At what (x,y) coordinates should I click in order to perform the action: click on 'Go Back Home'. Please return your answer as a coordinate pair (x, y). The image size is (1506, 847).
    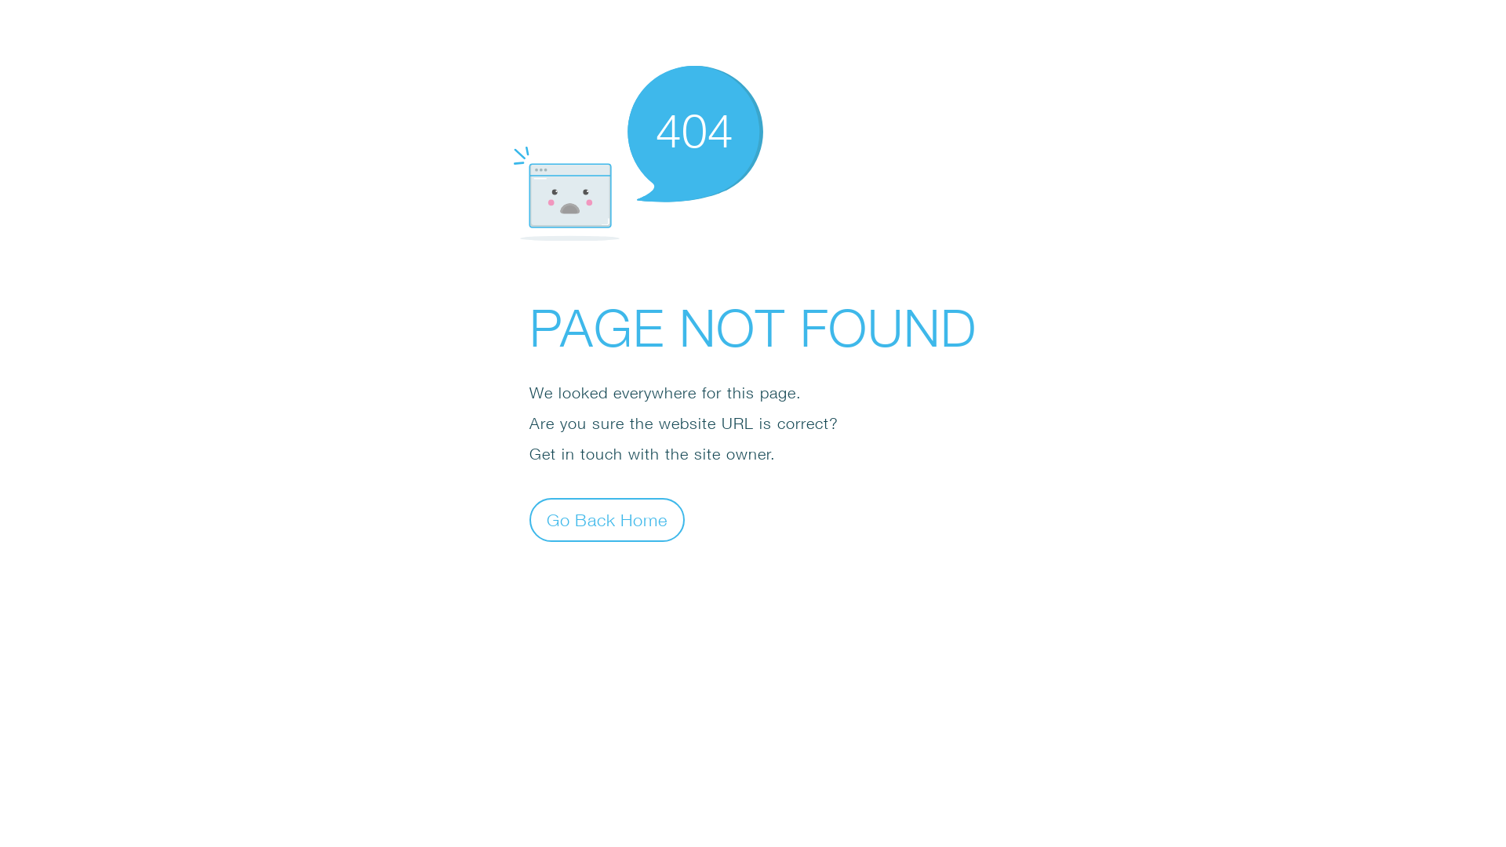
    Looking at the image, I should click on (606, 520).